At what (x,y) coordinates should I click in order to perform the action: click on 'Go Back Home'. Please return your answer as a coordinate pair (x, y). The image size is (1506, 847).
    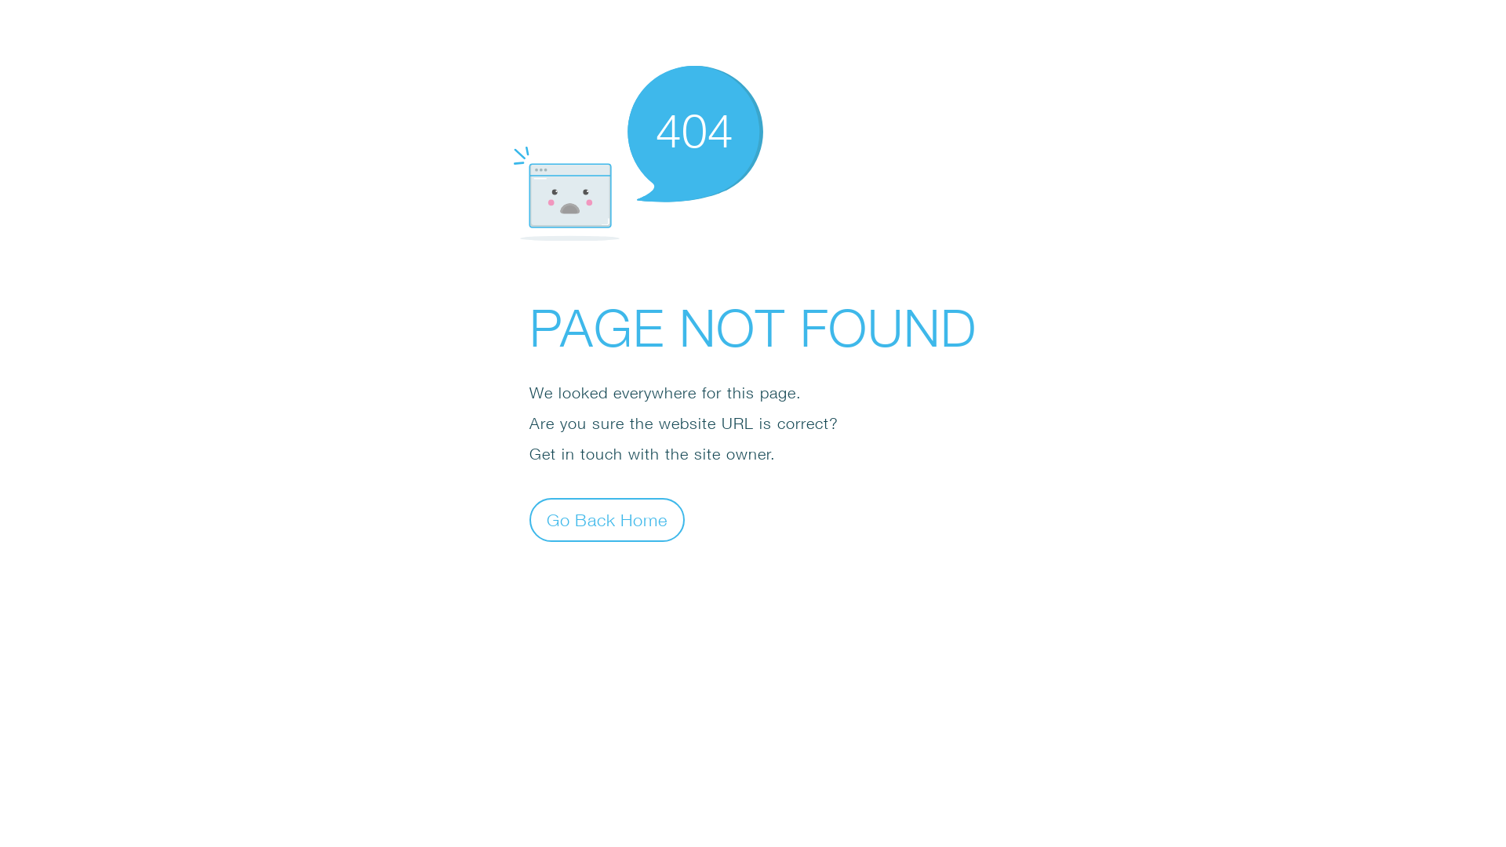
    Looking at the image, I should click on (606, 520).